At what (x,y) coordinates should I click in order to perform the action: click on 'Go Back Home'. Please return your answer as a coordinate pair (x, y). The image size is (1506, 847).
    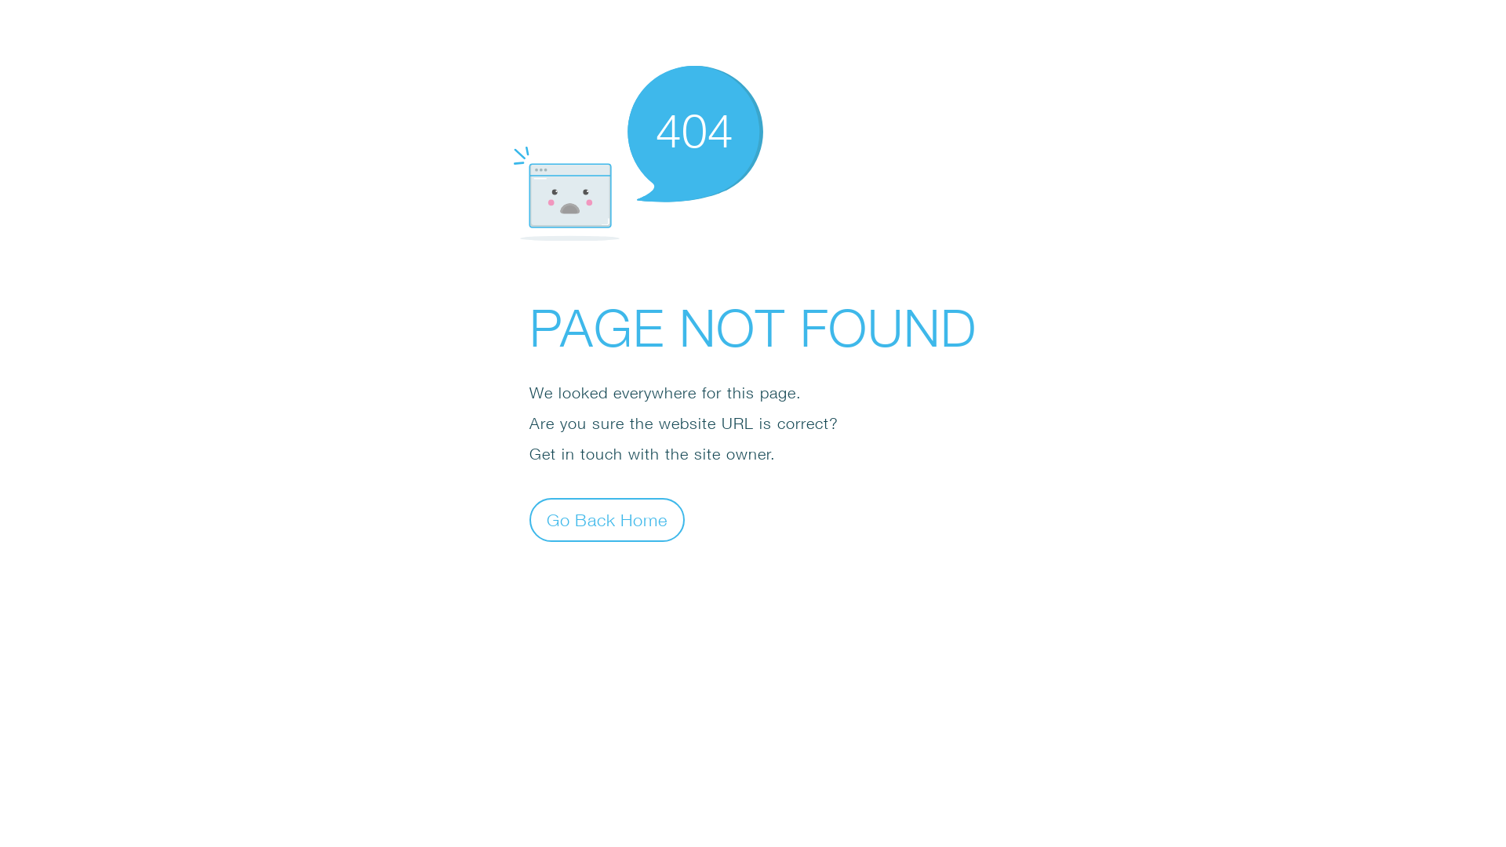
    Looking at the image, I should click on (606, 520).